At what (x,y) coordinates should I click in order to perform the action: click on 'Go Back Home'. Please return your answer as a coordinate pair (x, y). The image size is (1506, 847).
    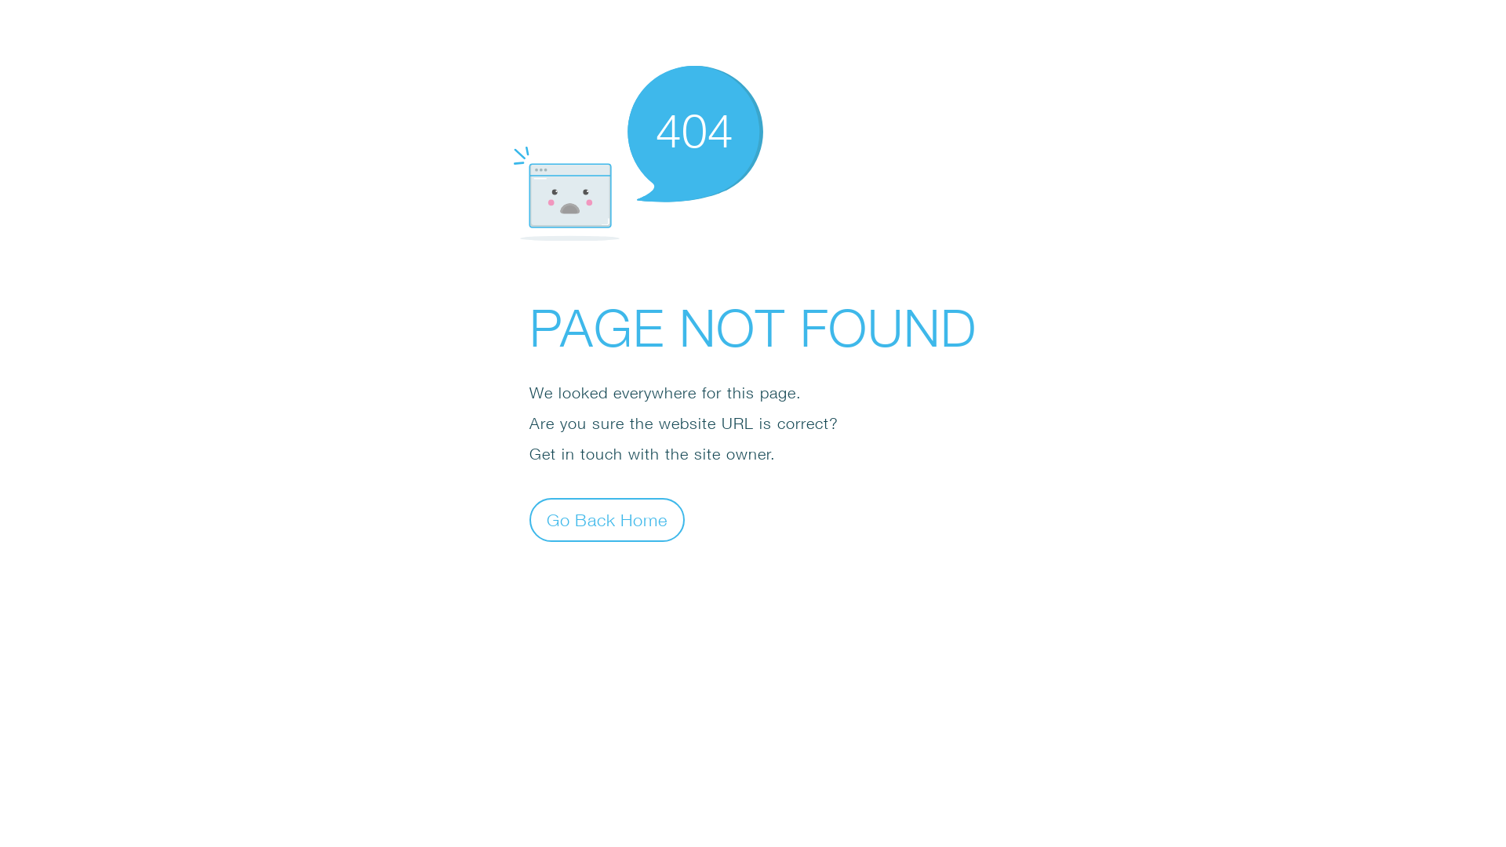
    Looking at the image, I should click on (606, 520).